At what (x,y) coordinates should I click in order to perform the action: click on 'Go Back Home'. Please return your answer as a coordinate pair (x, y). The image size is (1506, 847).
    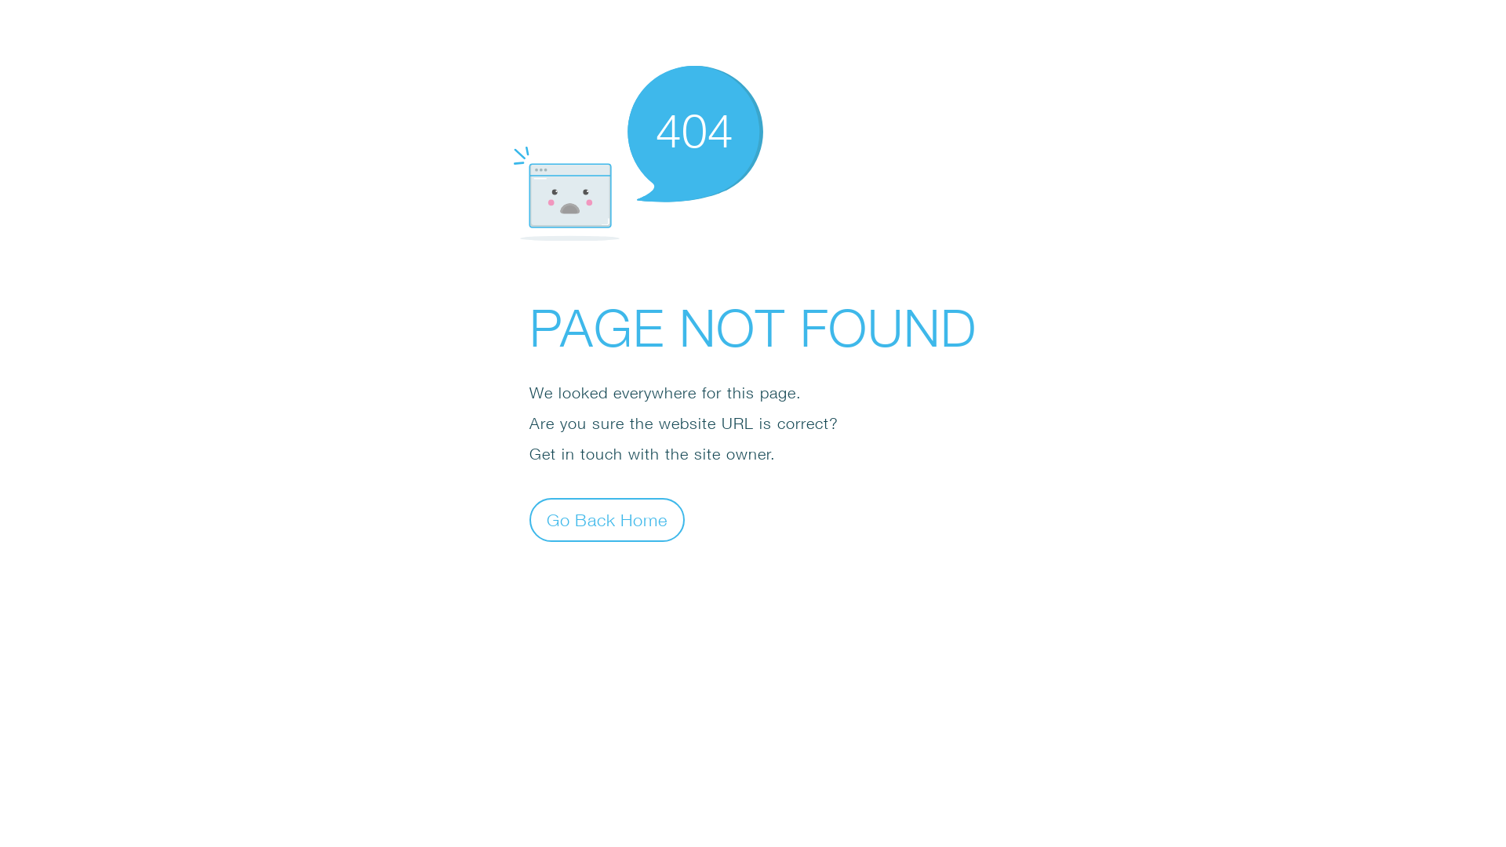
    Looking at the image, I should click on (606, 520).